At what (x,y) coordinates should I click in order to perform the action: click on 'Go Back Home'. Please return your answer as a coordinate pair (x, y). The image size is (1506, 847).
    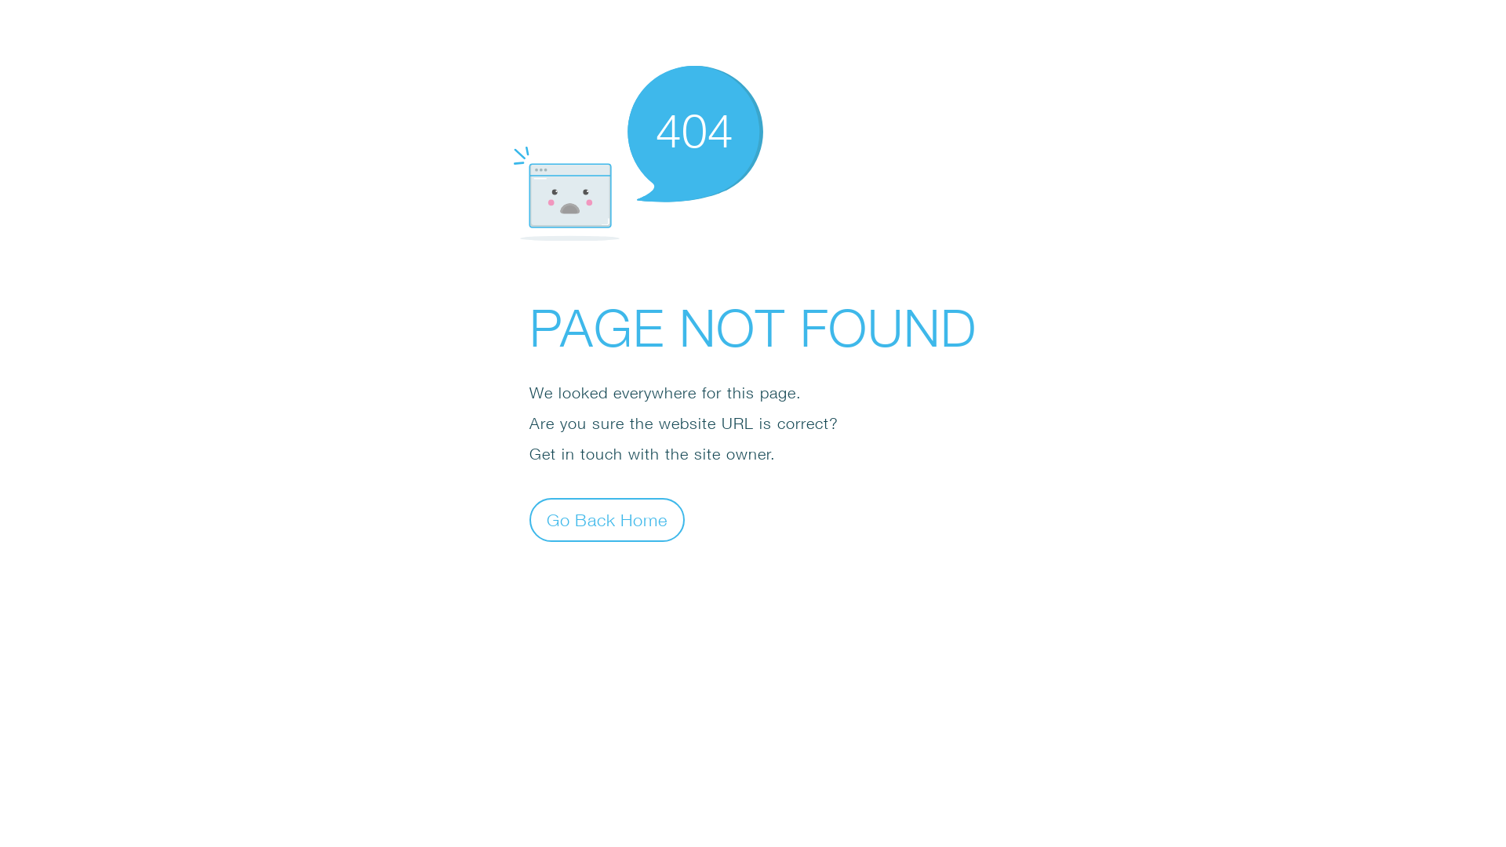
    Looking at the image, I should click on (606, 520).